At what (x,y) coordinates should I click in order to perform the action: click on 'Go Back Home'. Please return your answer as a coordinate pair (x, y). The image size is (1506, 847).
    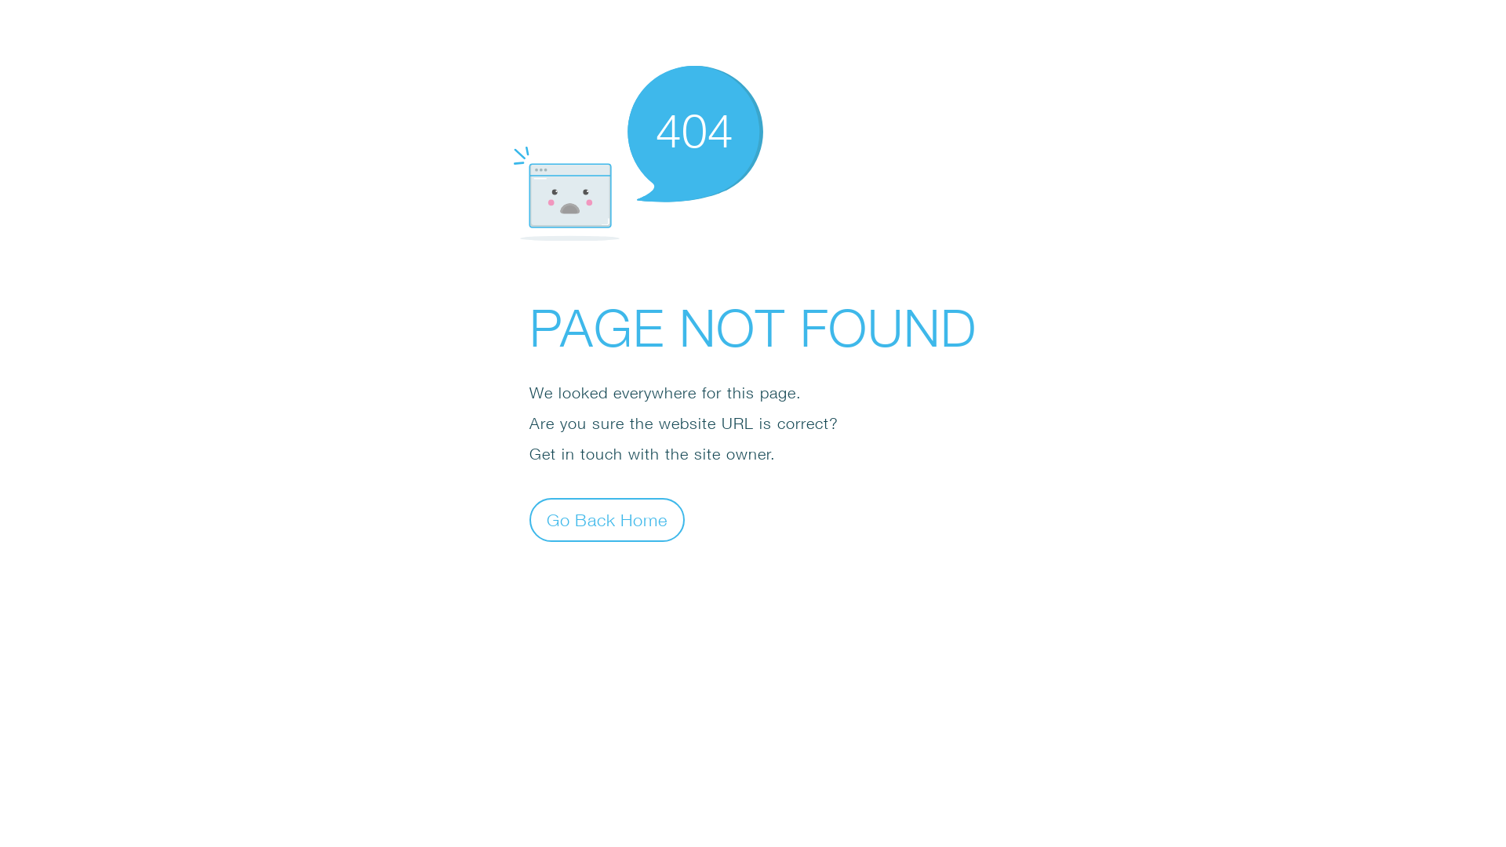
    Looking at the image, I should click on (606, 520).